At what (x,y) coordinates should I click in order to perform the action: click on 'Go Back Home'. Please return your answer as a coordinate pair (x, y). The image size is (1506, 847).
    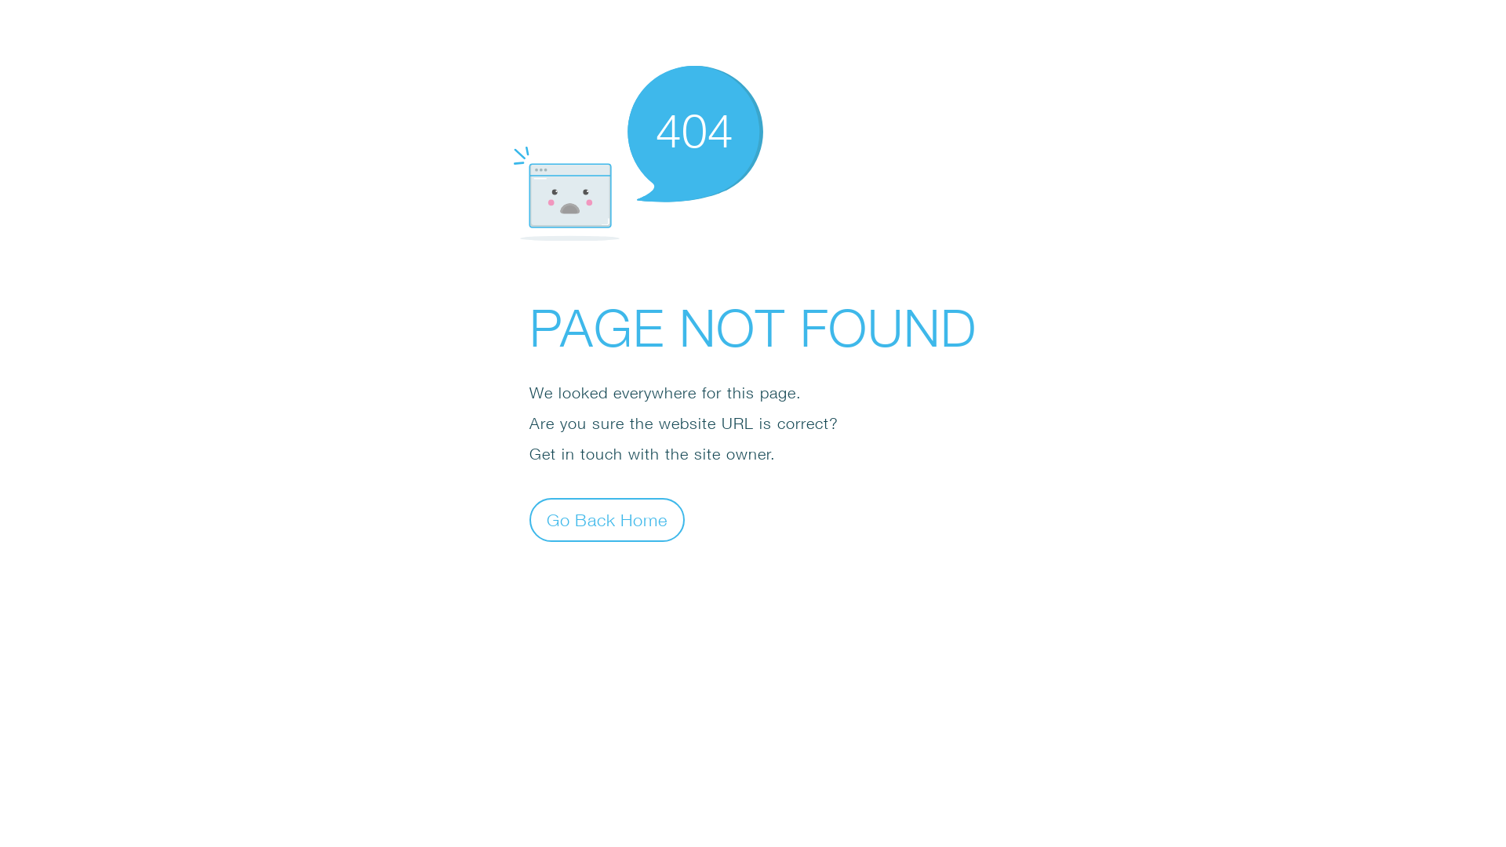
    Looking at the image, I should click on (606, 520).